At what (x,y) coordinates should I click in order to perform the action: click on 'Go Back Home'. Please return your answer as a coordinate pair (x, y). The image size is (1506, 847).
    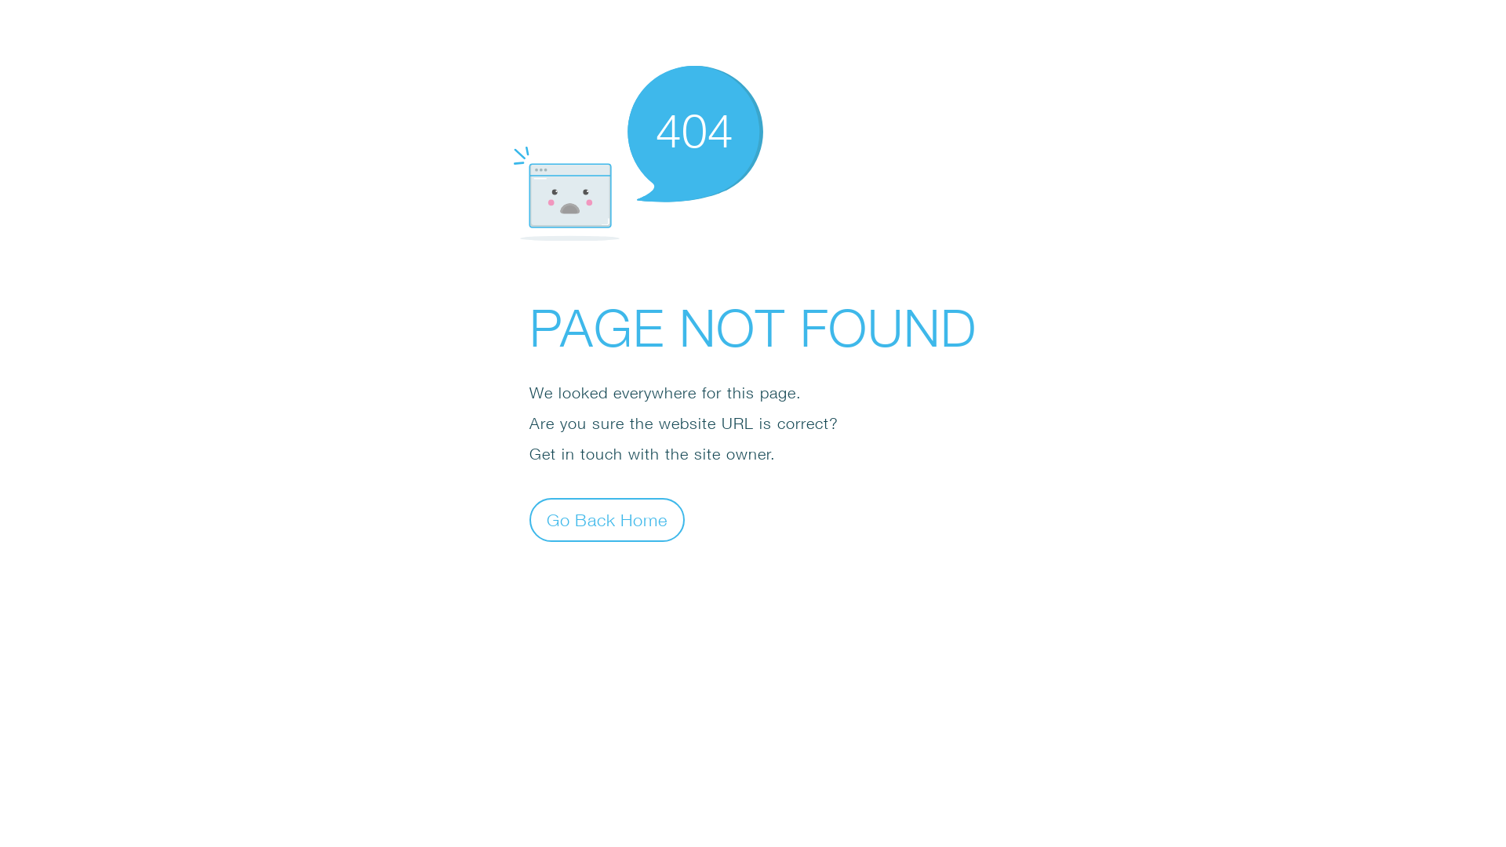
    Looking at the image, I should click on (606, 520).